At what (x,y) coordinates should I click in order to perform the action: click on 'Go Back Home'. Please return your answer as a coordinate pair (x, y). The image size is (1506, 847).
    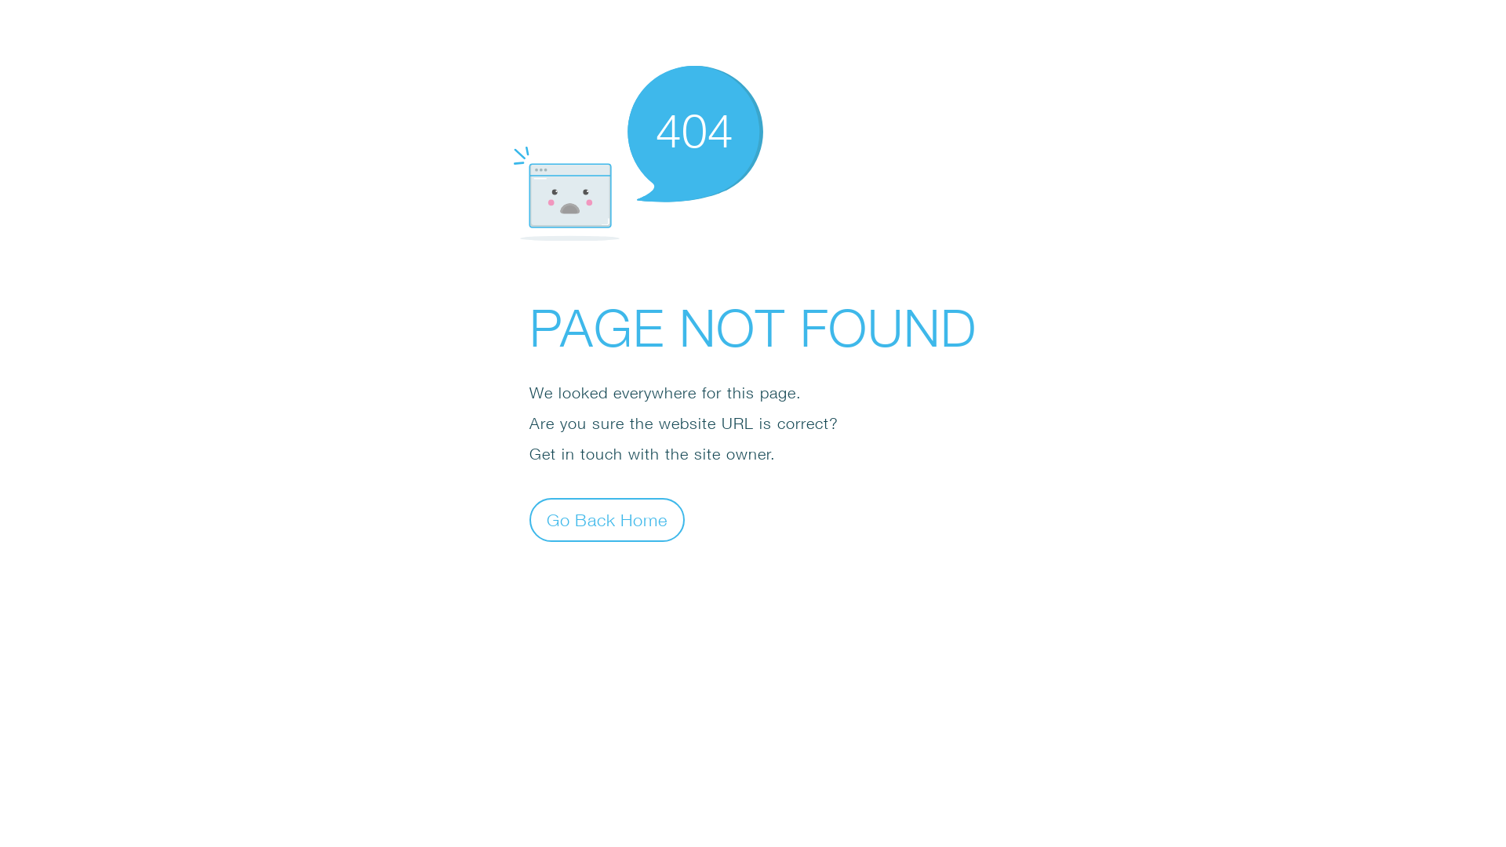
    Looking at the image, I should click on (606, 520).